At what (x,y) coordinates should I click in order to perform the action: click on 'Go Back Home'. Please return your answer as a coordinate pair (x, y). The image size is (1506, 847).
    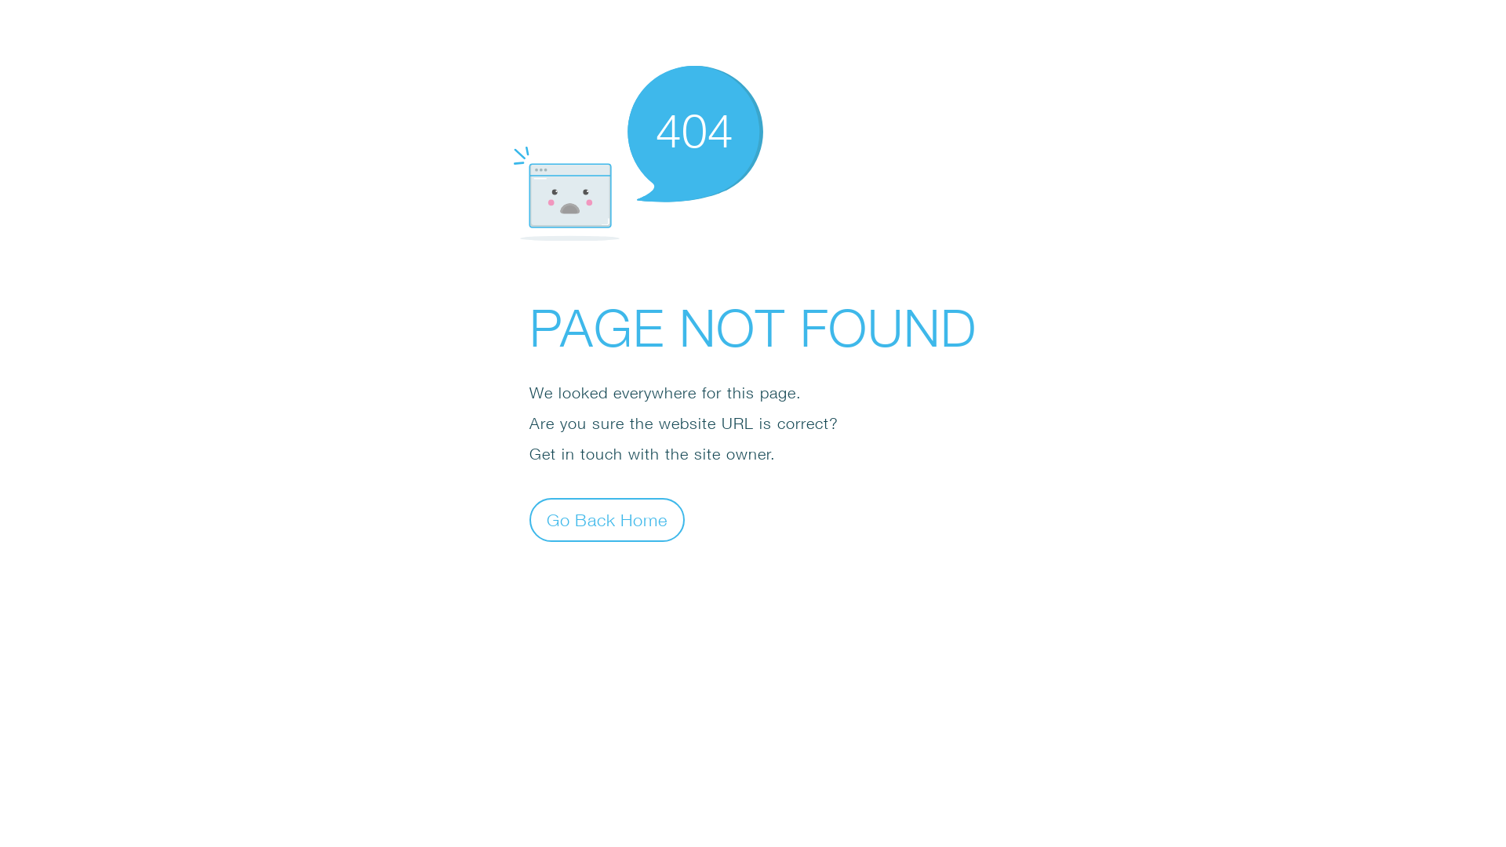
    Looking at the image, I should click on (606, 520).